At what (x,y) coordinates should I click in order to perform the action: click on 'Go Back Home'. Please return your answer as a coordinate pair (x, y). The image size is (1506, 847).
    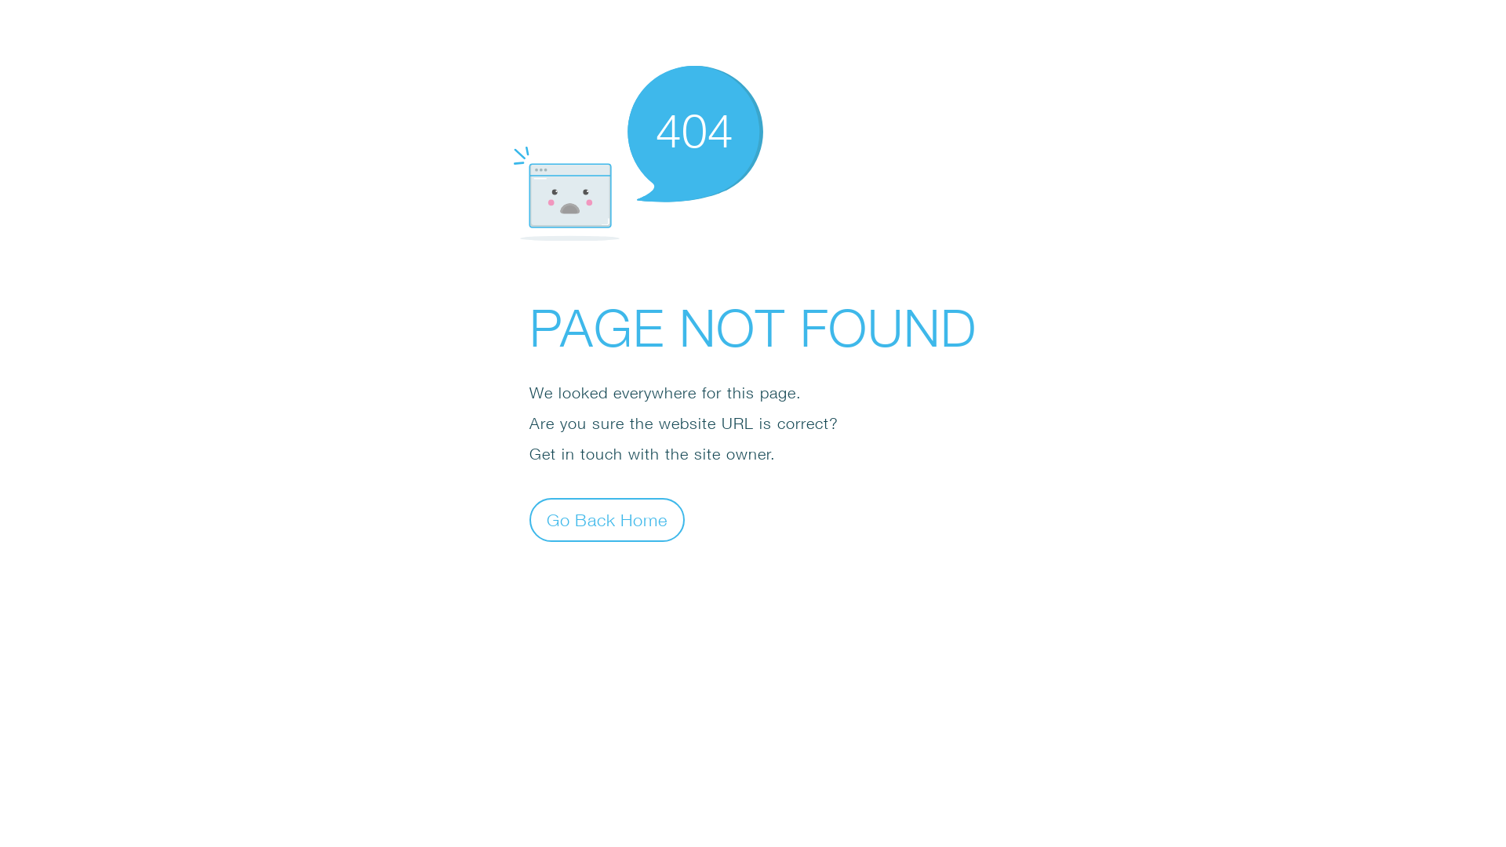
    Looking at the image, I should click on (606, 520).